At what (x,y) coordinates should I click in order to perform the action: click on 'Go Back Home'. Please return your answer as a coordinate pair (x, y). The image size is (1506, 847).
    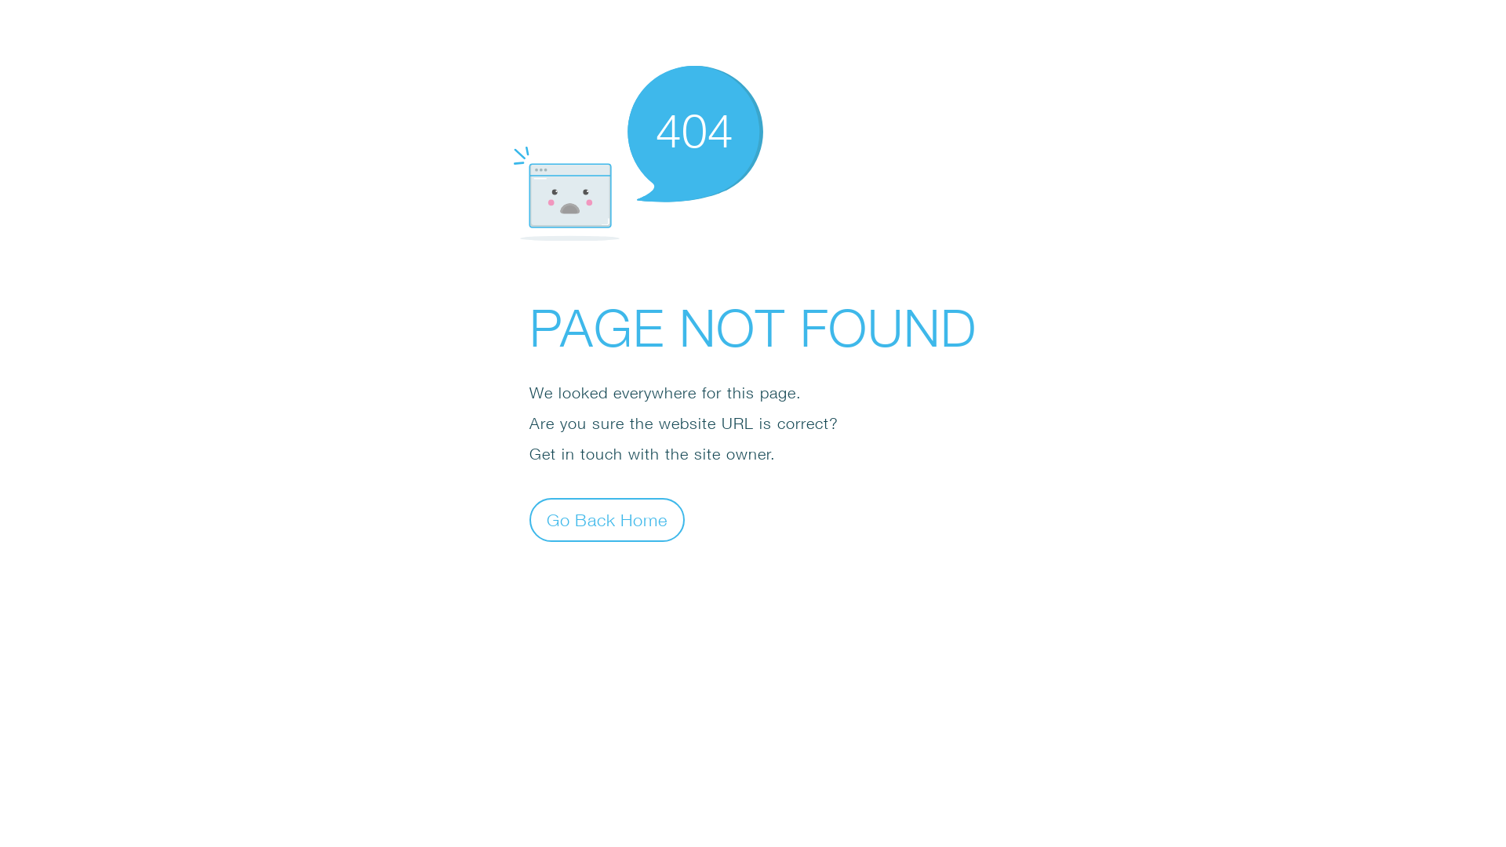
    Looking at the image, I should click on (606, 520).